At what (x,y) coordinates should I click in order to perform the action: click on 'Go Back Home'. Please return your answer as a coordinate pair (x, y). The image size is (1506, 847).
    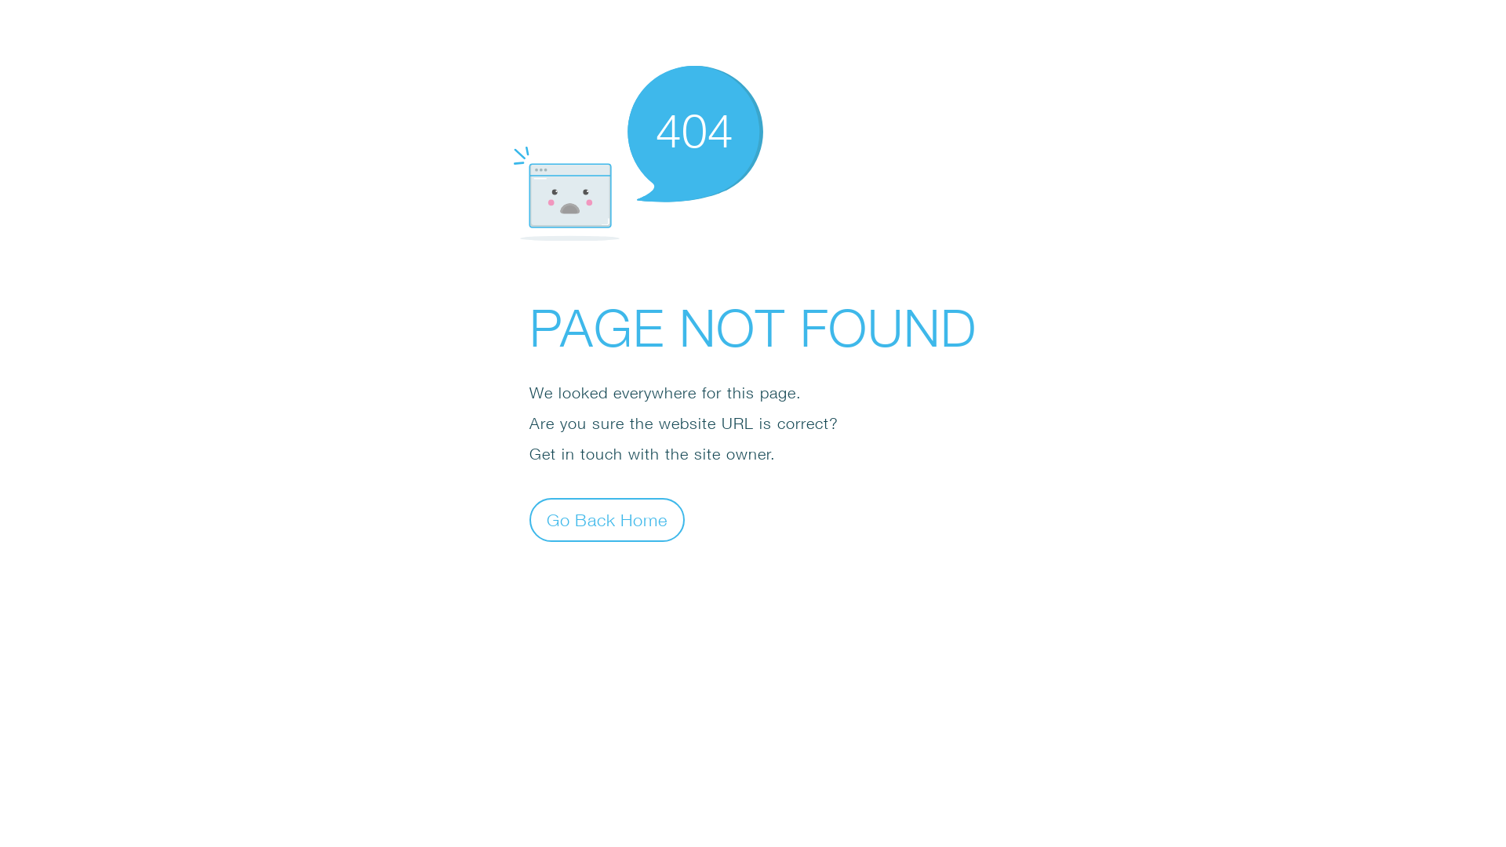
    Looking at the image, I should click on (606, 520).